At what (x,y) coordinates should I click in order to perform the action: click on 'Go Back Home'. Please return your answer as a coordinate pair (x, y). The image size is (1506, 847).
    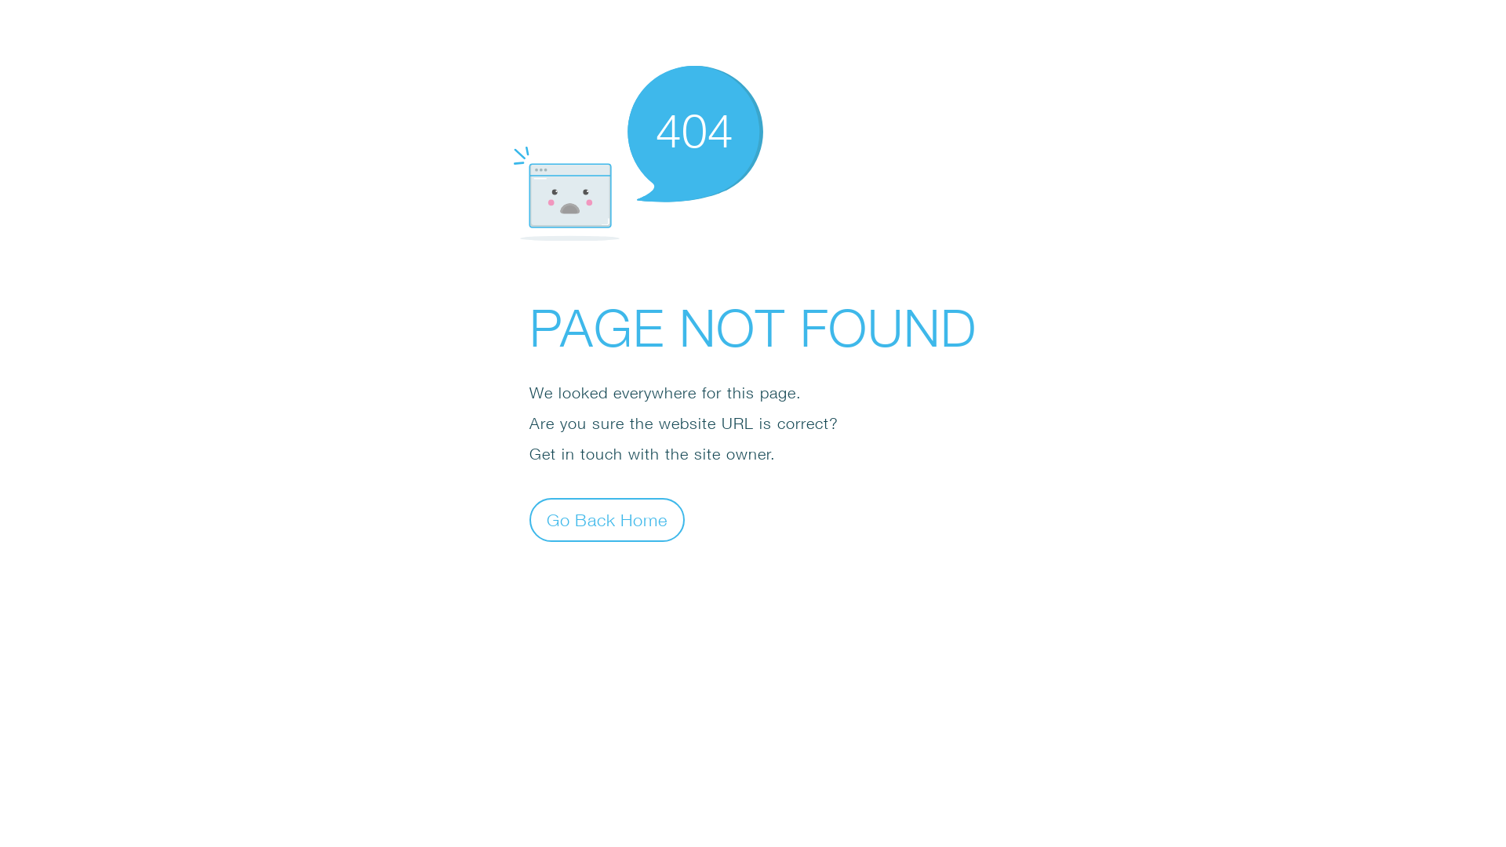
    Looking at the image, I should click on (606, 520).